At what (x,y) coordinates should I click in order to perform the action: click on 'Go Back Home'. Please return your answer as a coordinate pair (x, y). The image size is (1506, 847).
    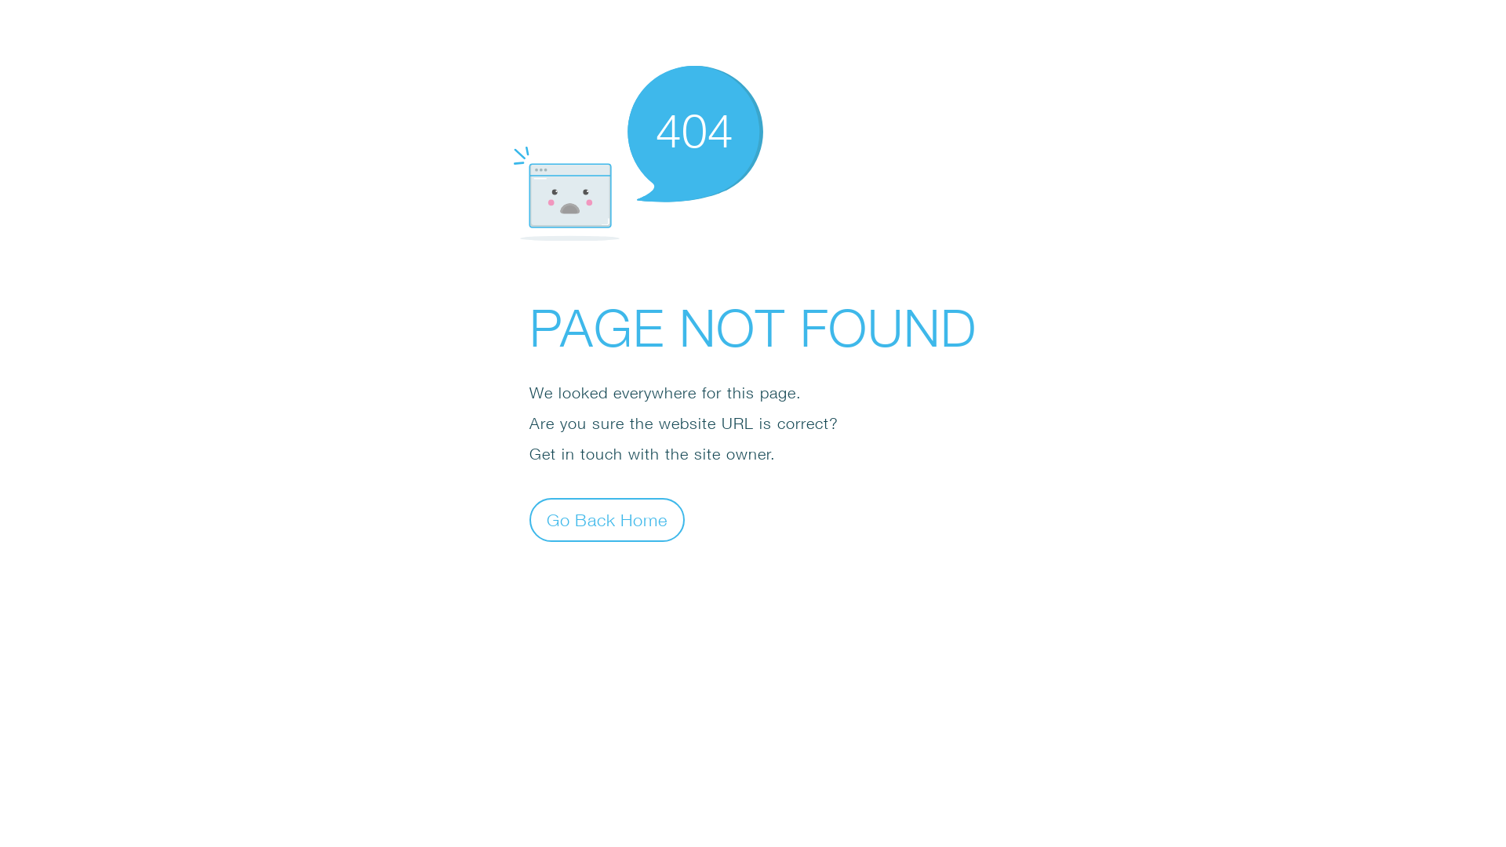
    Looking at the image, I should click on (606, 520).